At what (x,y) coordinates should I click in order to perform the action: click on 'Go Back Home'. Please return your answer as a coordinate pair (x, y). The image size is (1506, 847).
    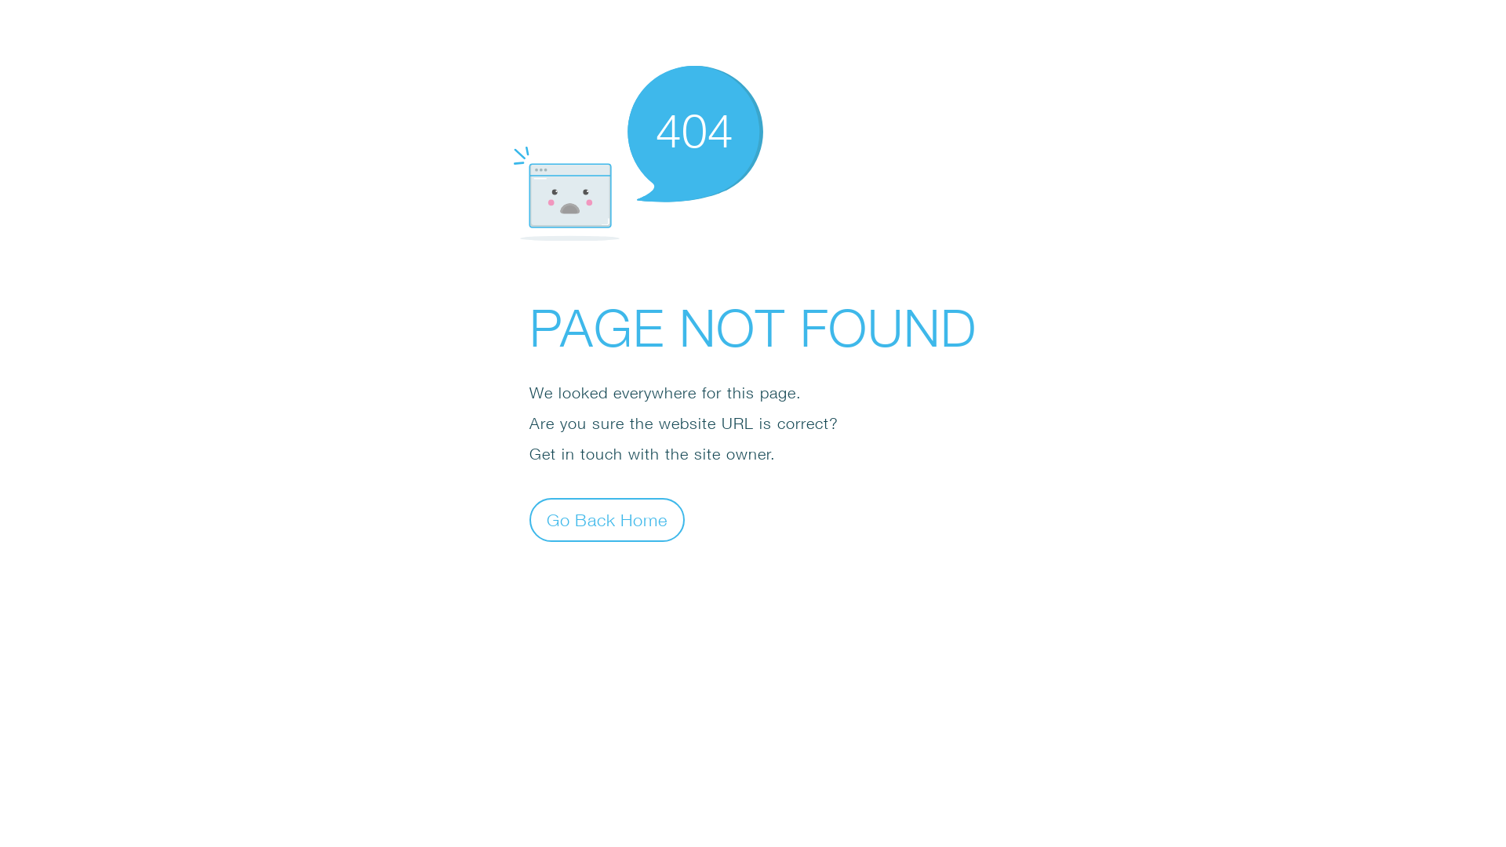
    Looking at the image, I should click on (606, 520).